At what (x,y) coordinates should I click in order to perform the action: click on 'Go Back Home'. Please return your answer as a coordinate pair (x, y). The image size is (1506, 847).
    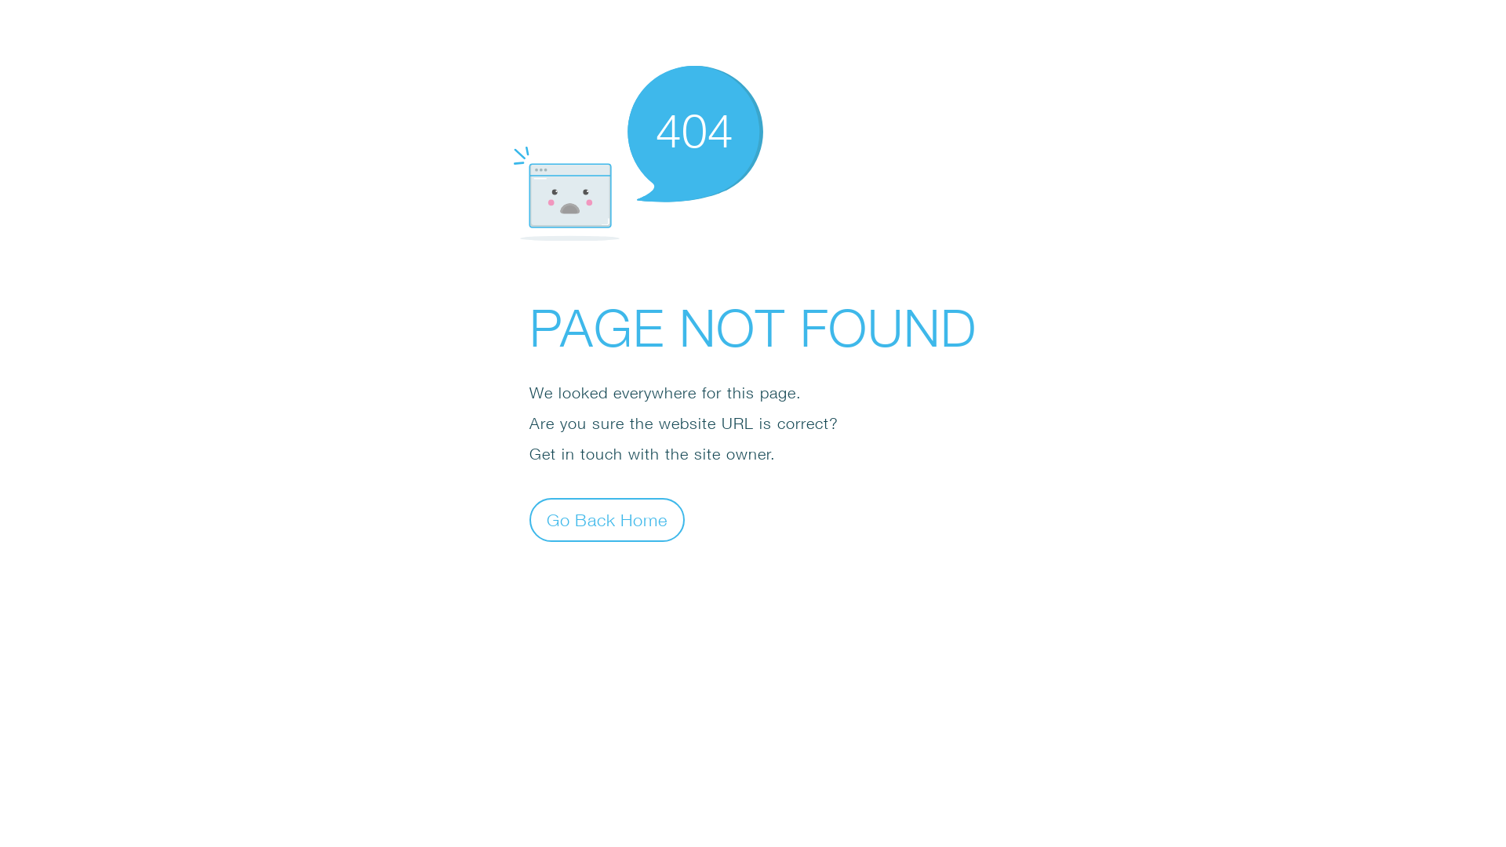
    Looking at the image, I should click on (606, 520).